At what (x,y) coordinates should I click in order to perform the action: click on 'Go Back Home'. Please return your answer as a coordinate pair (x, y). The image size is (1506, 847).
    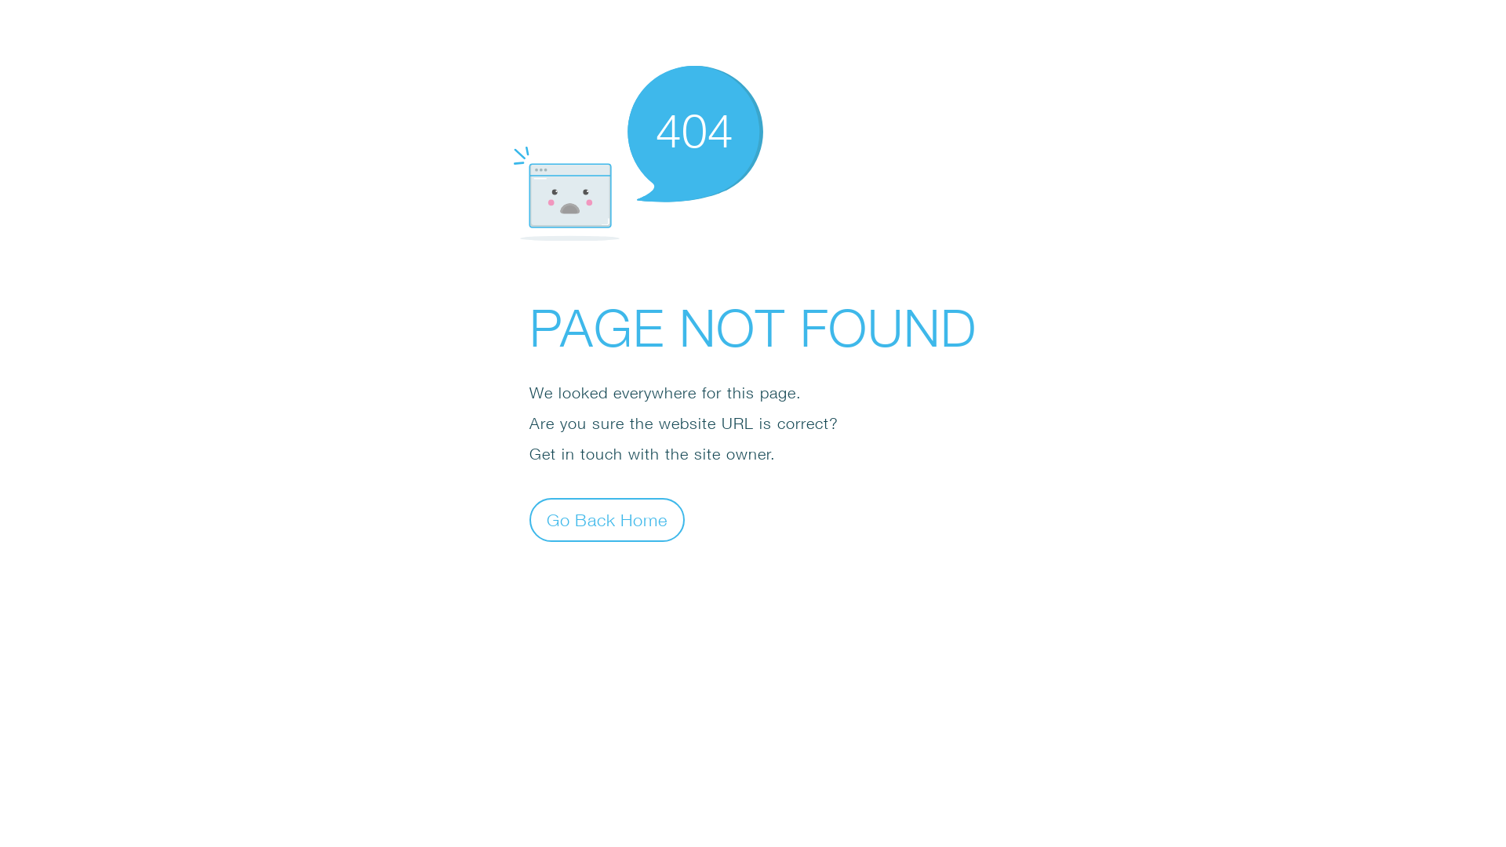
    Looking at the image, I should click on (606, 520).